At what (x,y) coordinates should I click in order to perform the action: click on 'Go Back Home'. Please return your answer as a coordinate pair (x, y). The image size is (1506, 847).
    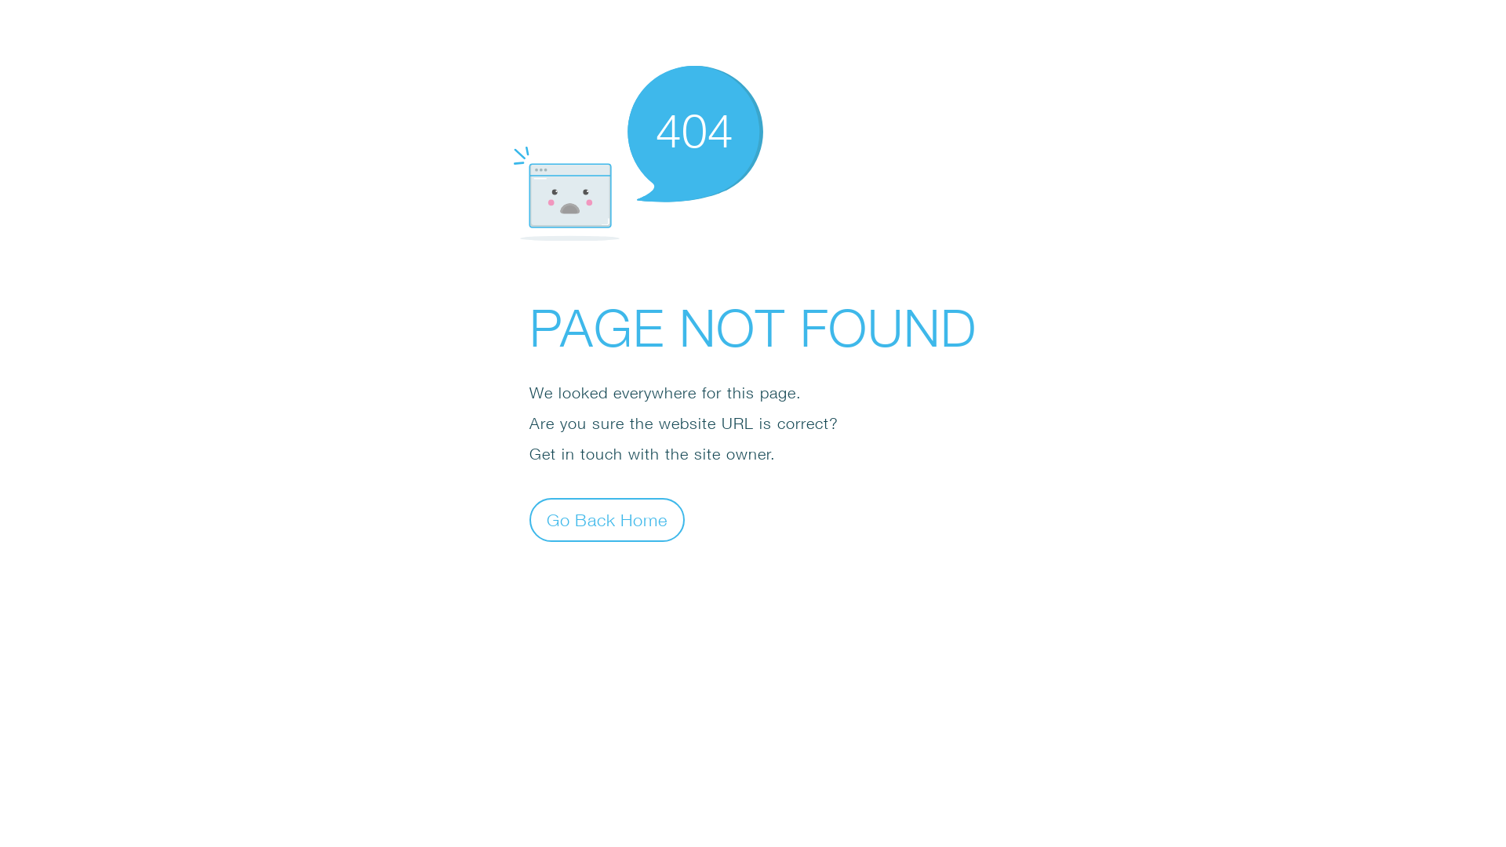
    Looking at the image, I should click on (606, 520).